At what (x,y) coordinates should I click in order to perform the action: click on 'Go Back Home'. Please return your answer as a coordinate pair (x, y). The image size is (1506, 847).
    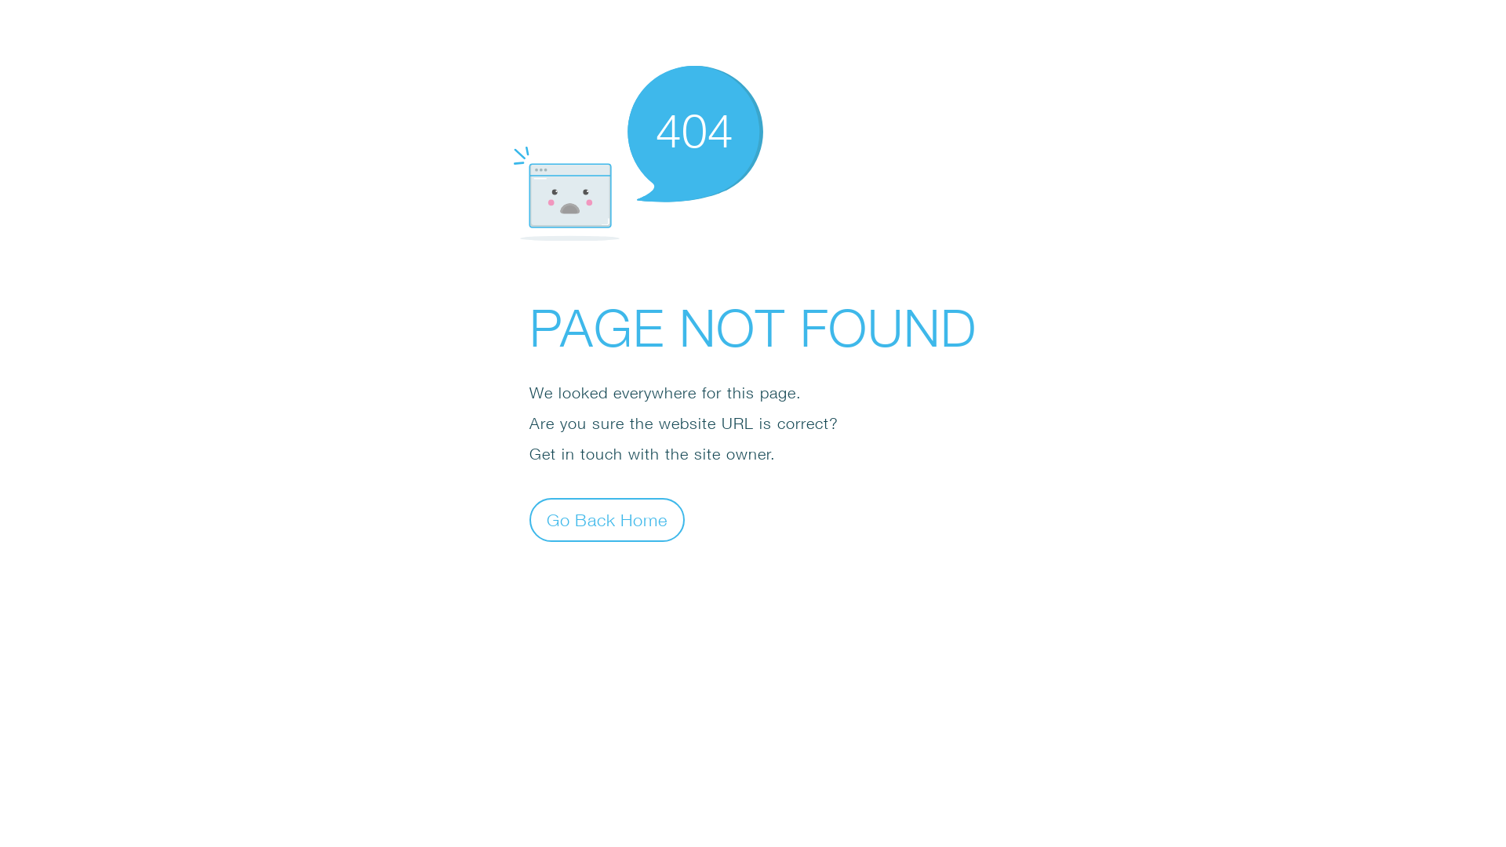
    Looking at the image, I should click on (606, 520).